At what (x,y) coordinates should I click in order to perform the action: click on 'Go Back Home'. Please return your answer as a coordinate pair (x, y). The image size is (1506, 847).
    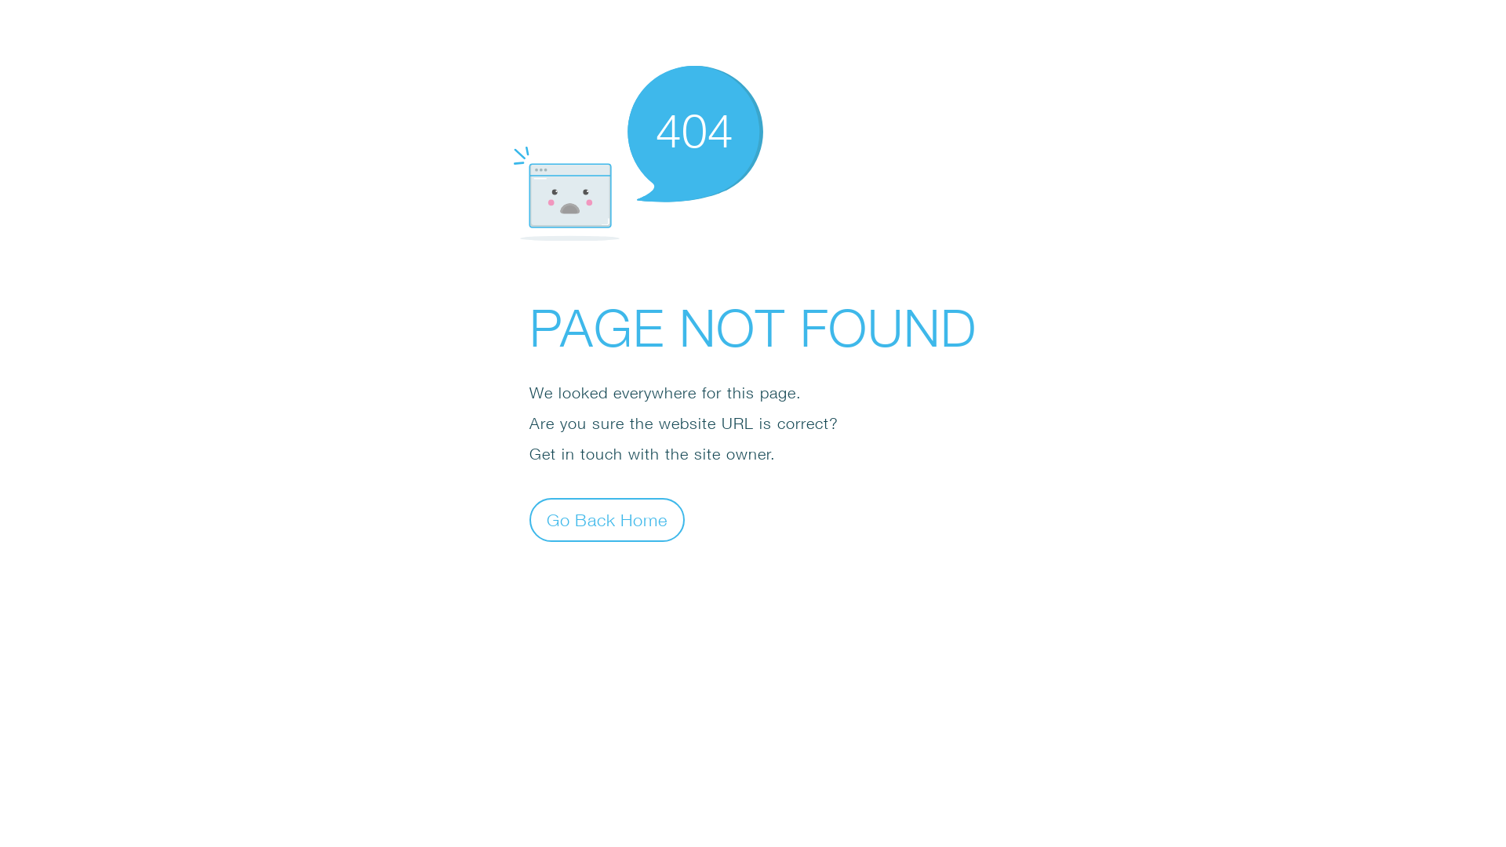
    Looking at the image, I should click on (606, 520).